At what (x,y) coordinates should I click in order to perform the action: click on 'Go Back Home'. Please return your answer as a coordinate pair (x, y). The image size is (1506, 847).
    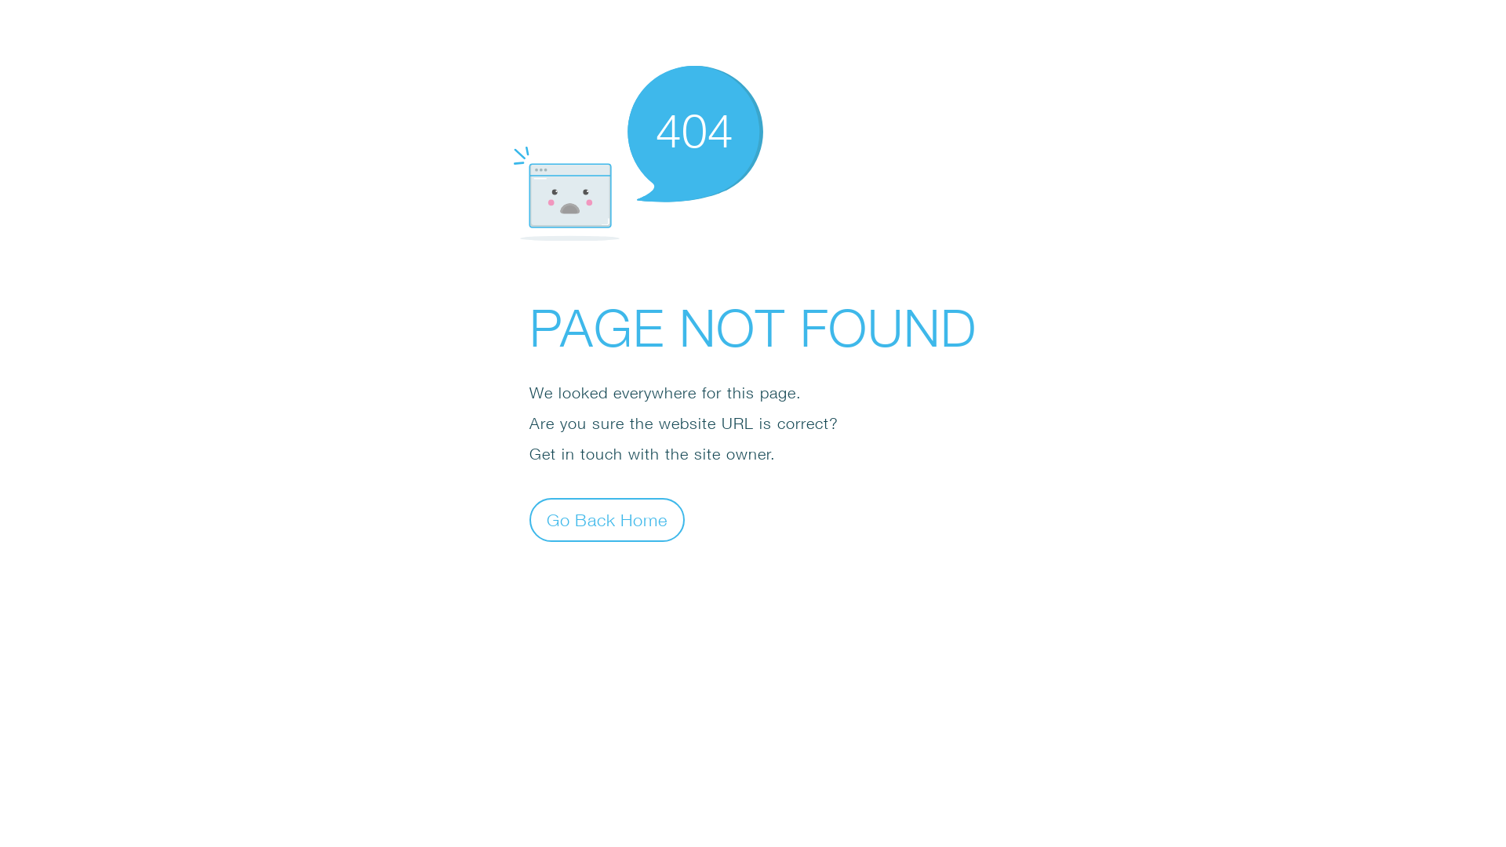
    Looking at the image, I should click on (606, 520).